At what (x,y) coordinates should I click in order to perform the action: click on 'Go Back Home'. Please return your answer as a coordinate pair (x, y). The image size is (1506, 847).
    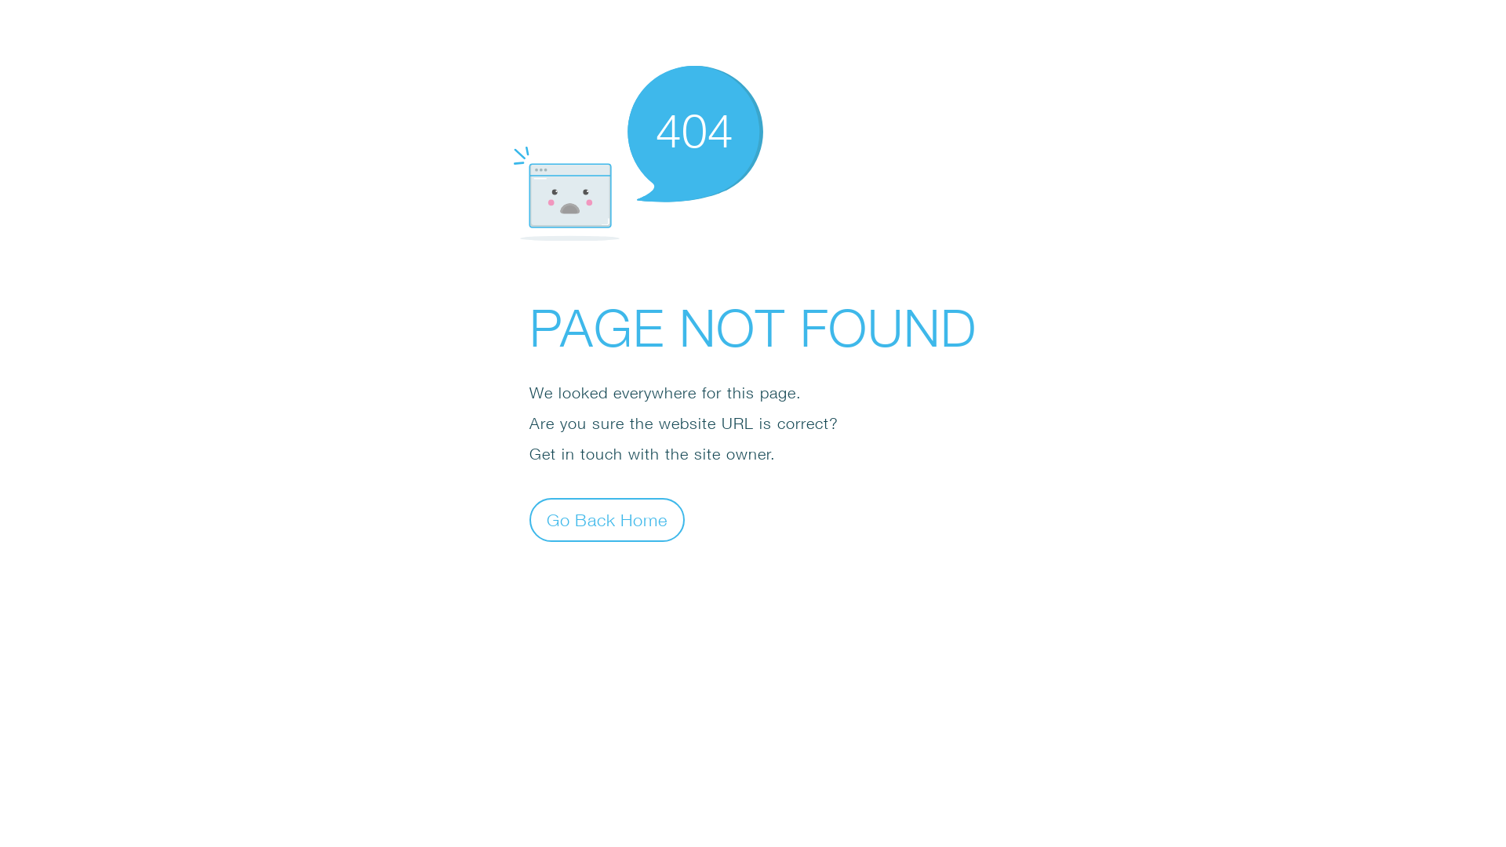
    Looking at the image, I should click on (606, 520).